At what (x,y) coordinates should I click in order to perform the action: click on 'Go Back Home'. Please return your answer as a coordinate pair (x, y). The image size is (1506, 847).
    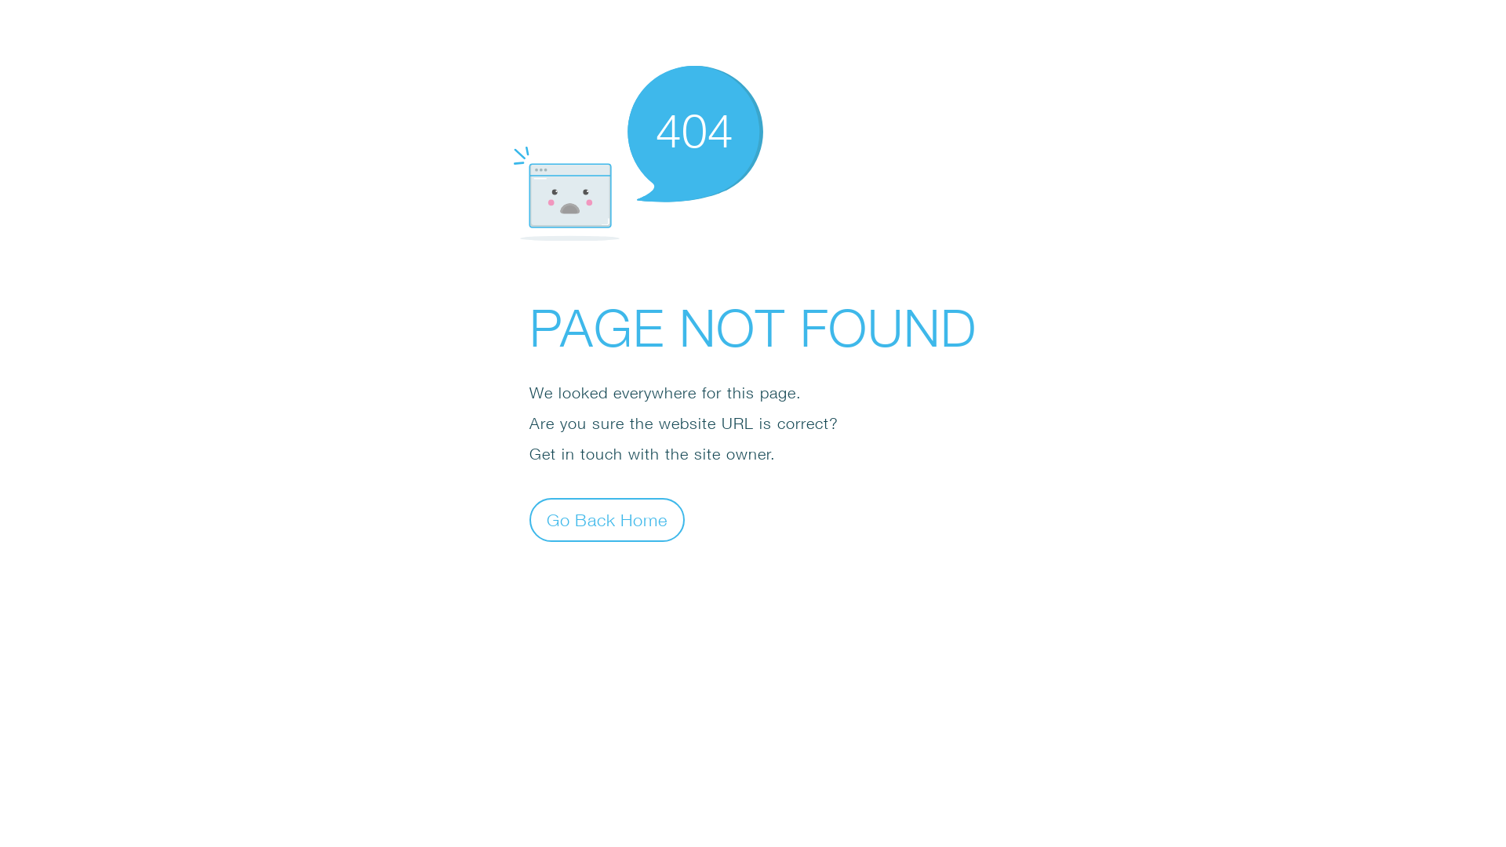
    Looking at the image, I should click on (606, 520).